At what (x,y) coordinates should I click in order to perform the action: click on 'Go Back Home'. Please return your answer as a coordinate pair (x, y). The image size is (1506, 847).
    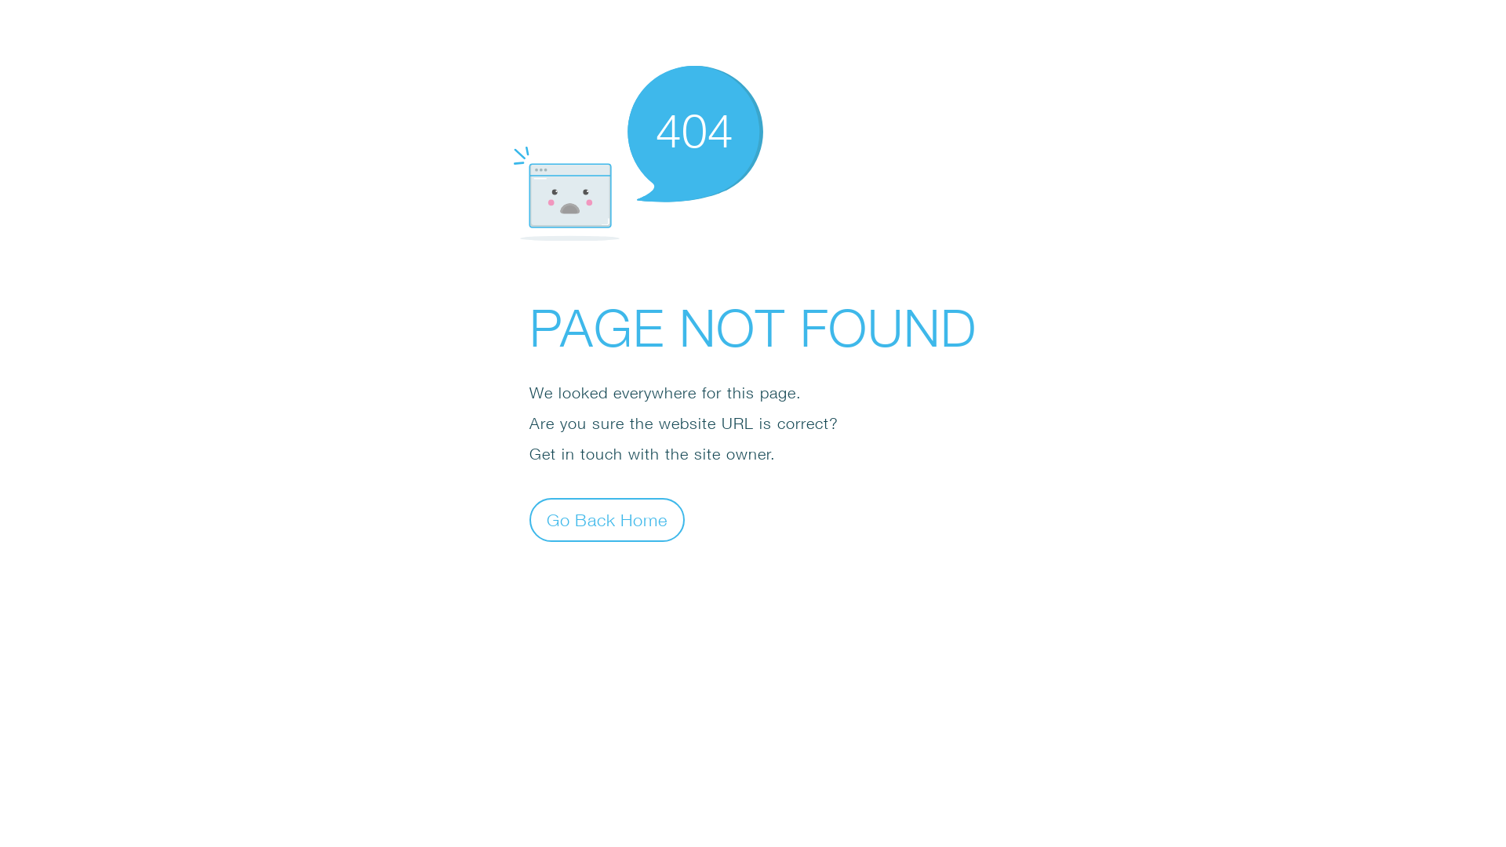
    Looking at the image, I should click on (606, 520).